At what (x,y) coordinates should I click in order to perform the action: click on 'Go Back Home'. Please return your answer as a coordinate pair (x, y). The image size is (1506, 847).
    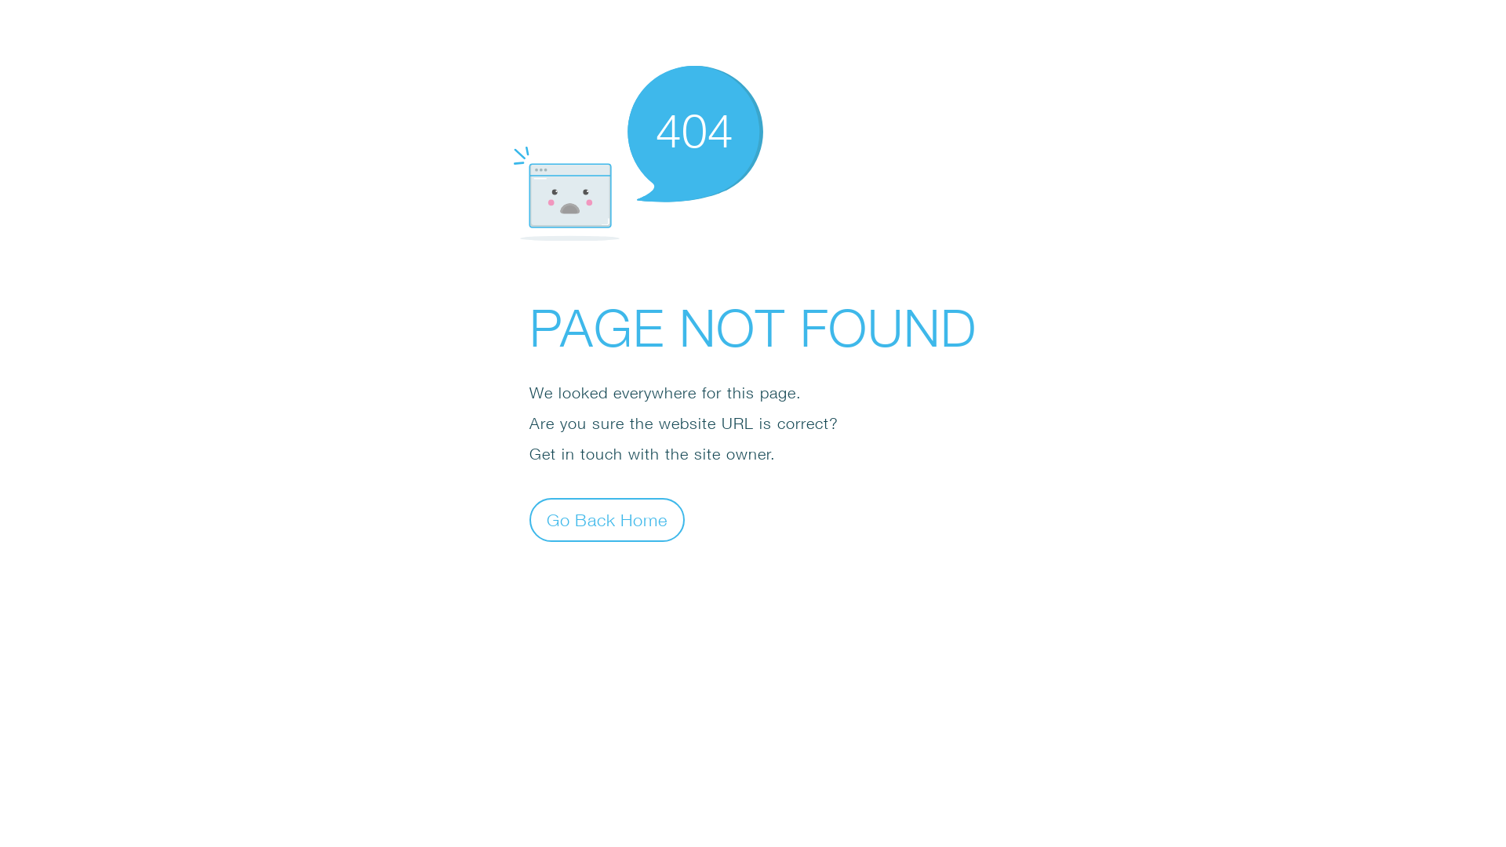
    Looking at the image, I should click on (606, 520).